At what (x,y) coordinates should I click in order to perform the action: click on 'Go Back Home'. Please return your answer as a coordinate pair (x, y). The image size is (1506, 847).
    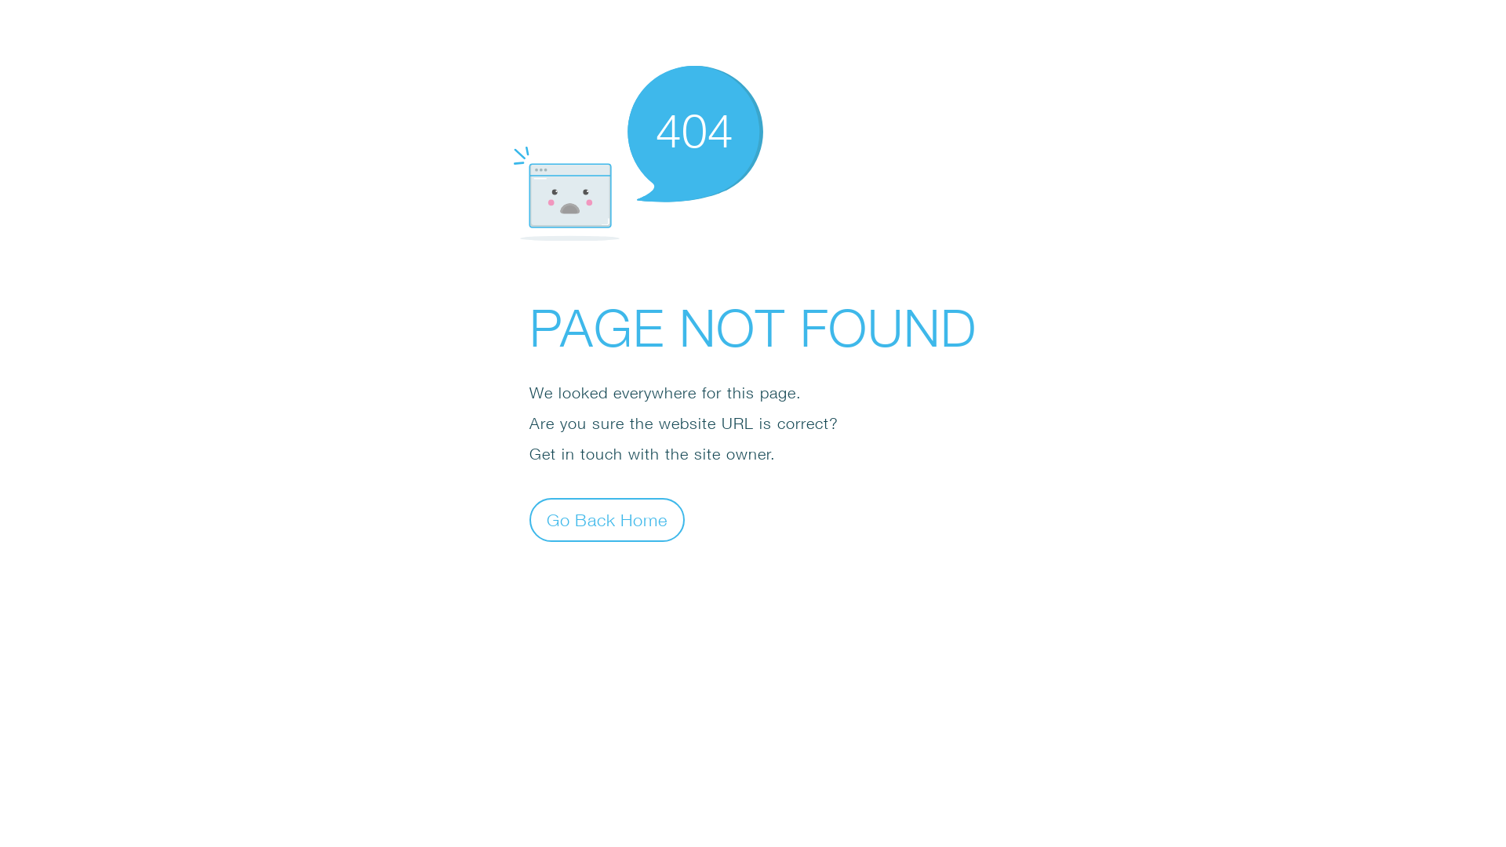
    Looking at the image, I should click on (606, 520).